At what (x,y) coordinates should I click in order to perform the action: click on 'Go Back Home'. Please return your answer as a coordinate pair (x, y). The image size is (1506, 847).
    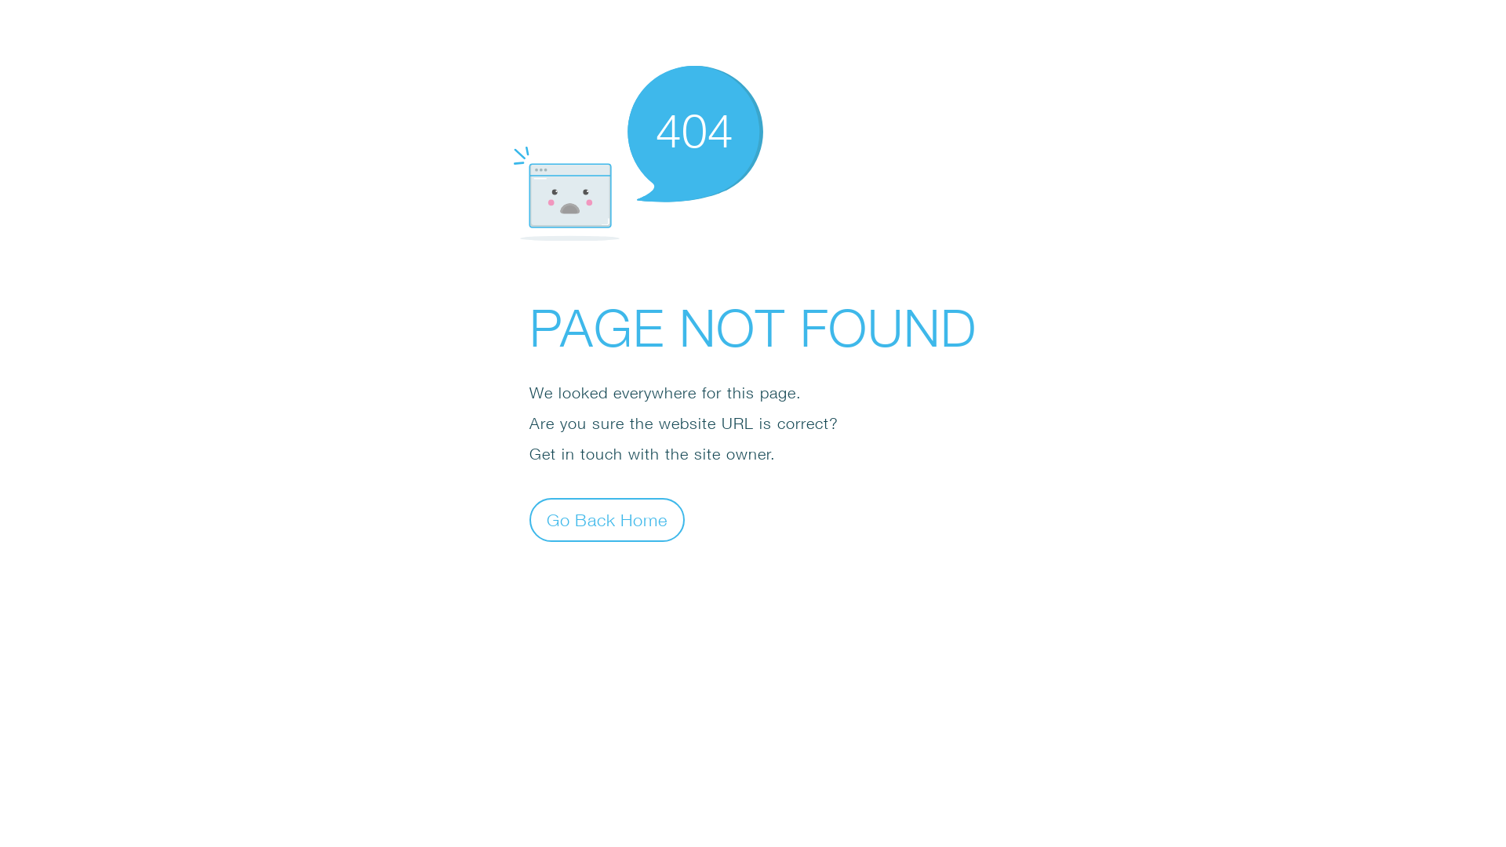
    Looking at the image, I should click on (606, 520).